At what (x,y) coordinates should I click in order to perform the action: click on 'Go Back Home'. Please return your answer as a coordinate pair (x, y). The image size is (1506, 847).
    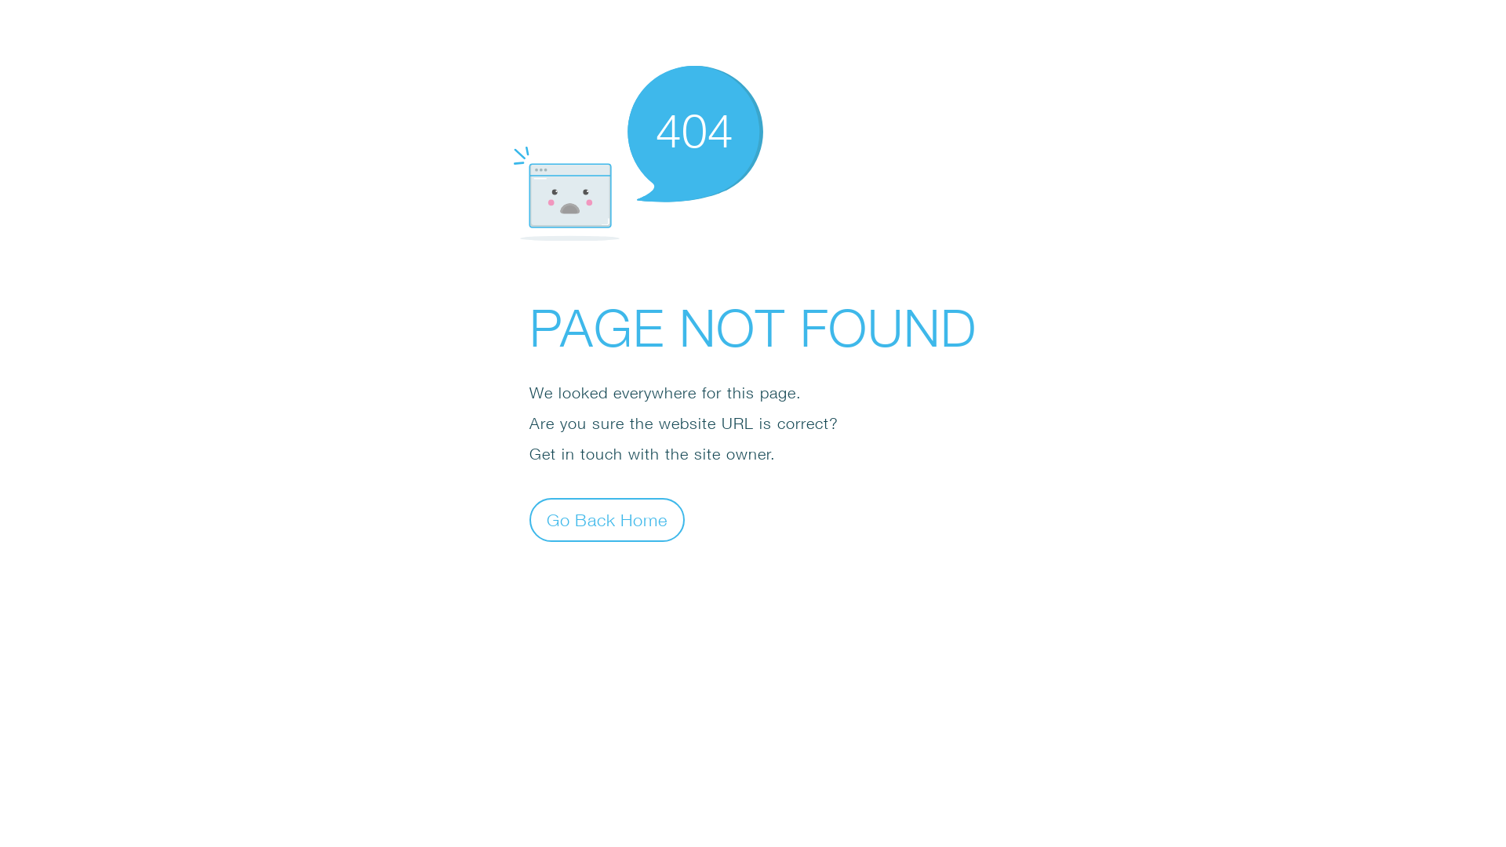
    Looking at the image, I should click on (606, 520).